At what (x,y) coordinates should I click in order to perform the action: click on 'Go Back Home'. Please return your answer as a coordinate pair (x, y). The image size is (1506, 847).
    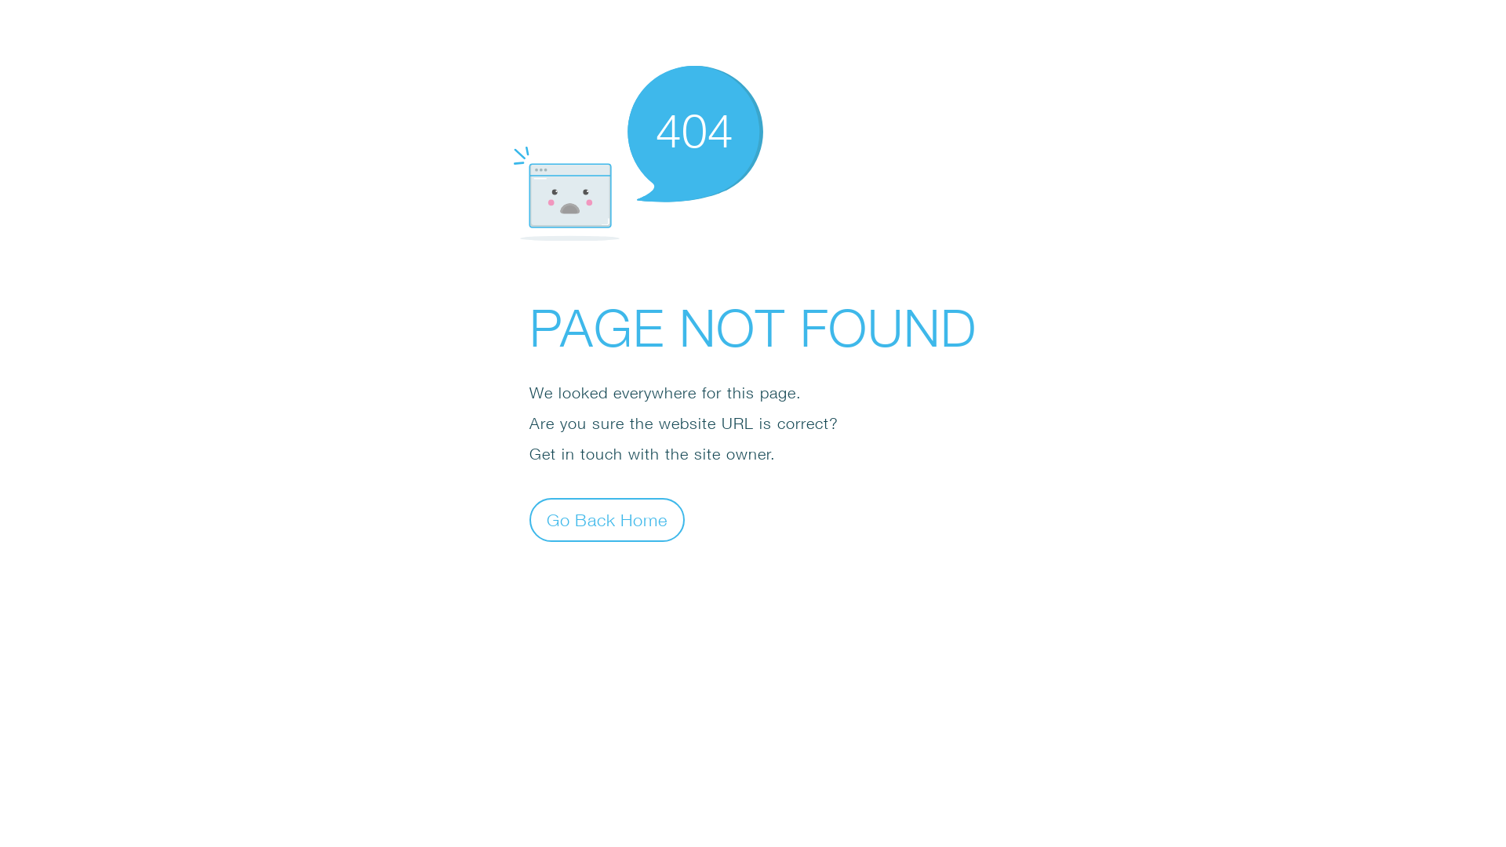
    Looking at the image, I should click on (606, 520).